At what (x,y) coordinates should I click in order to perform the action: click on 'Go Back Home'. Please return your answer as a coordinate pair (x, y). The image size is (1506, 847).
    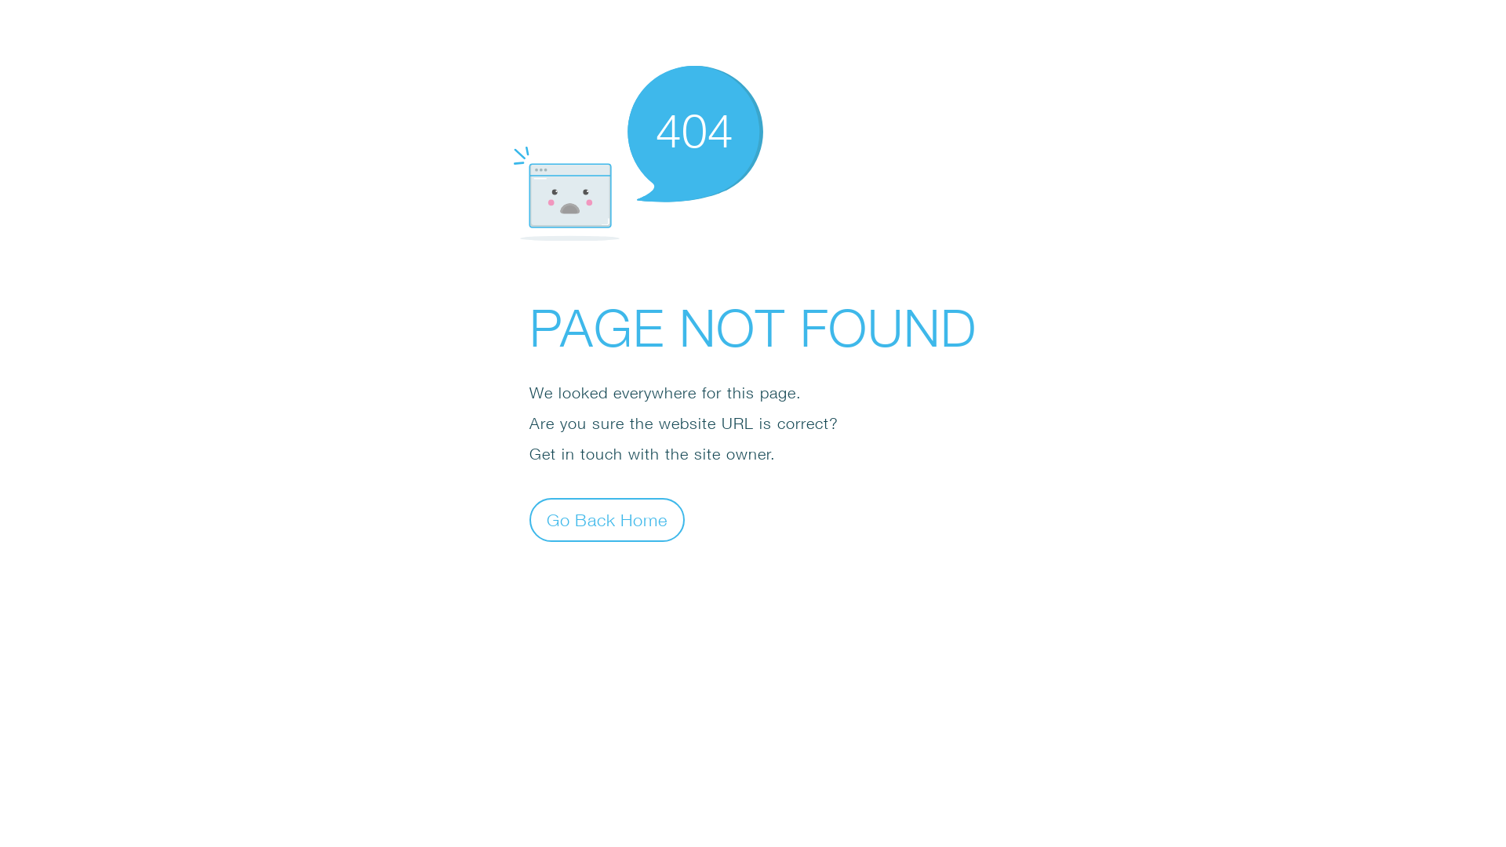
    Looking at the image, I should click on (606, 520).